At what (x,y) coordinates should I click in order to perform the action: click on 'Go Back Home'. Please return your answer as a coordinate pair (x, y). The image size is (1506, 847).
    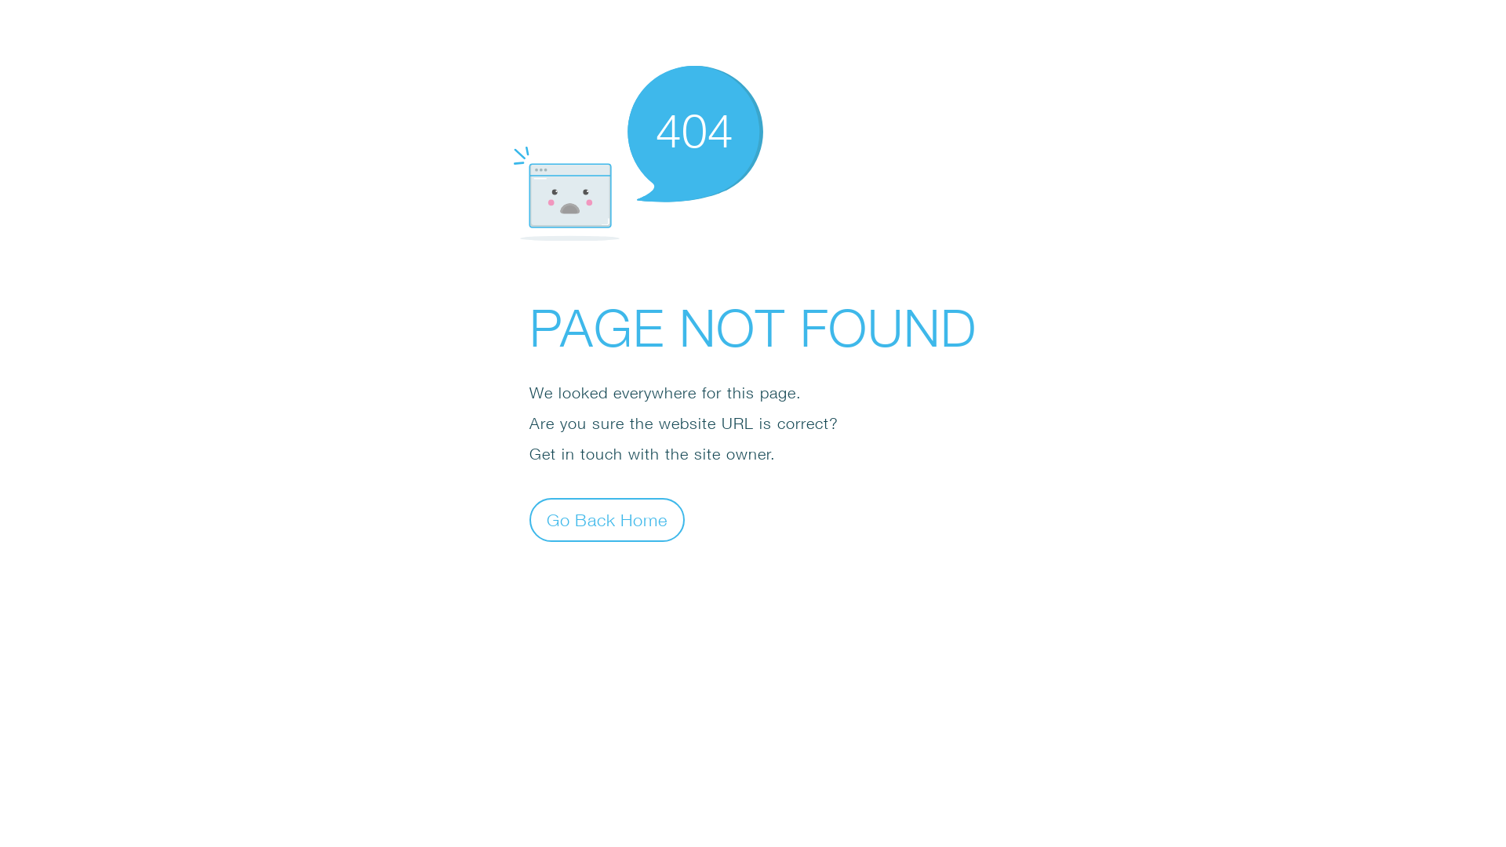
    Looking at the image, I should click on (606, 520).